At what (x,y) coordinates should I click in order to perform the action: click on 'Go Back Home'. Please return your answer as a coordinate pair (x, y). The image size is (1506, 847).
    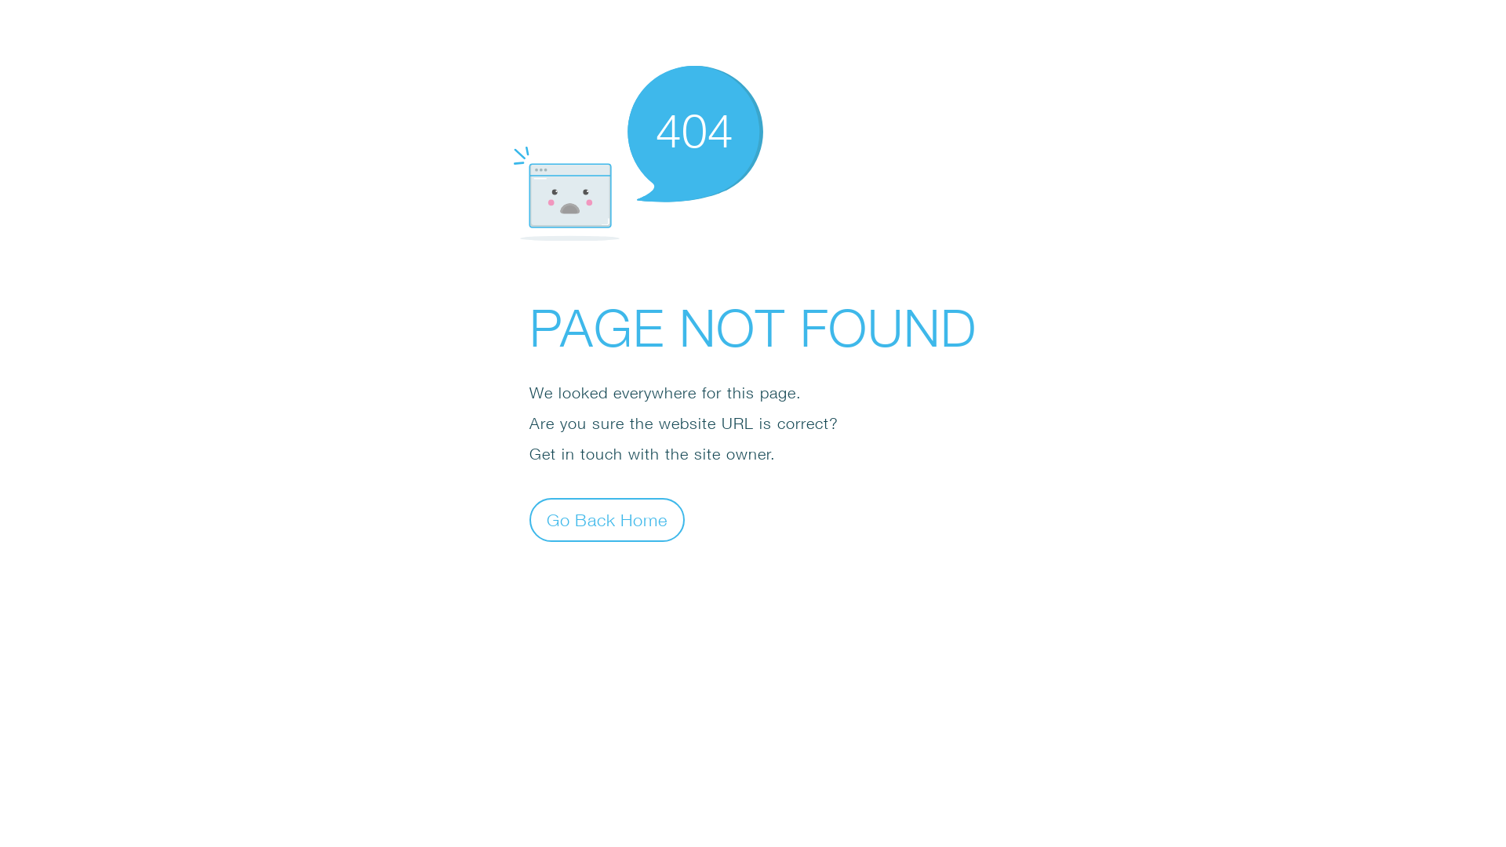
    Looking at the image, I should click on (606, 520).